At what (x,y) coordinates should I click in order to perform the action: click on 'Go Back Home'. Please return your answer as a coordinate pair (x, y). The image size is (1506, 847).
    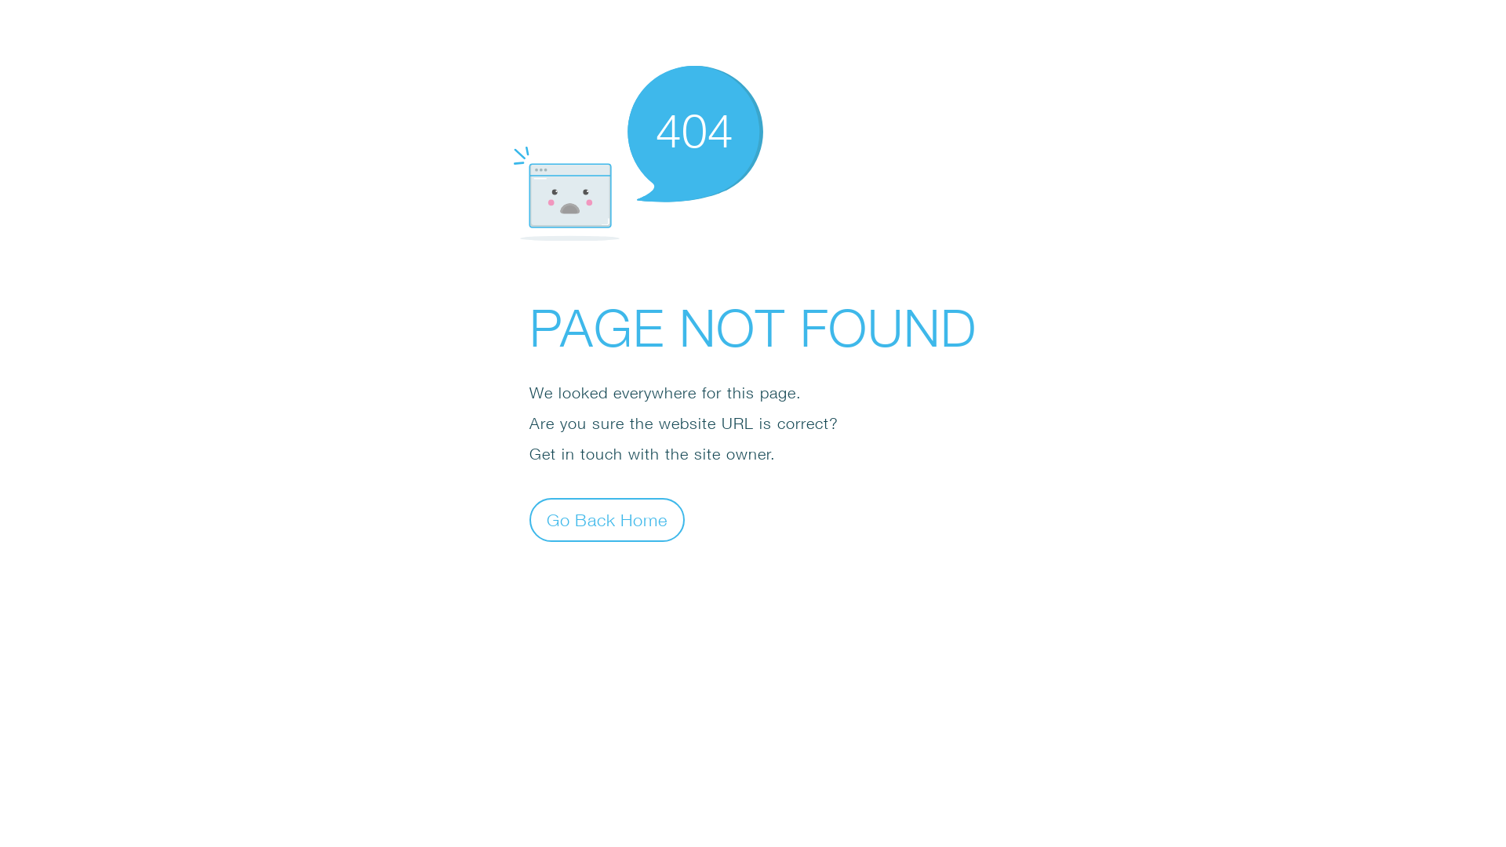
    Looking at the image, I should click on (606, 520).